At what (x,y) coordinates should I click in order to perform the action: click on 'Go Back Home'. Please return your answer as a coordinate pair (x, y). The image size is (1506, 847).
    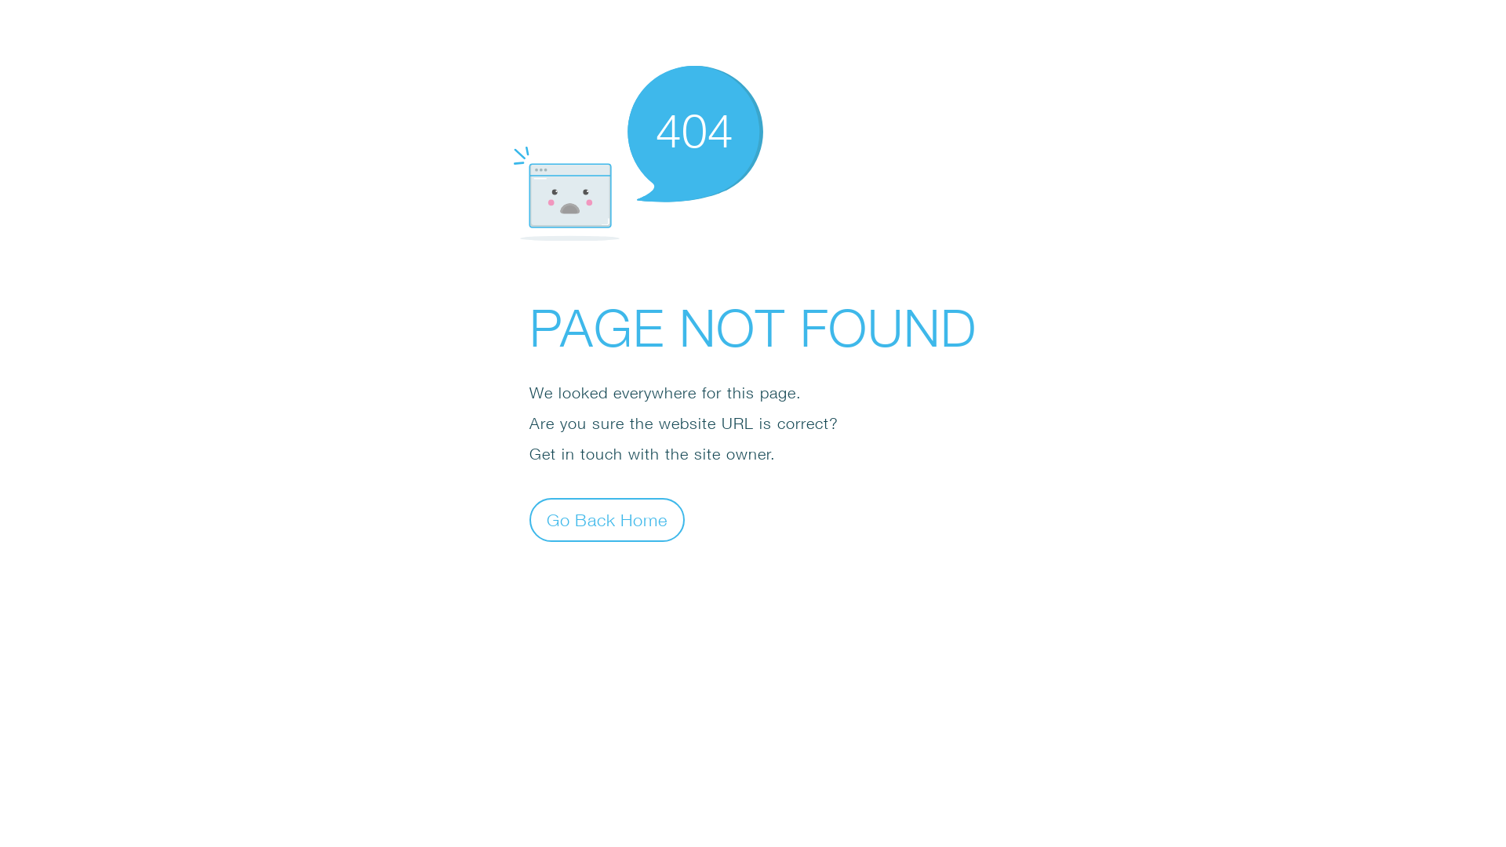
    Looking at the image, I should click on (606, 520).